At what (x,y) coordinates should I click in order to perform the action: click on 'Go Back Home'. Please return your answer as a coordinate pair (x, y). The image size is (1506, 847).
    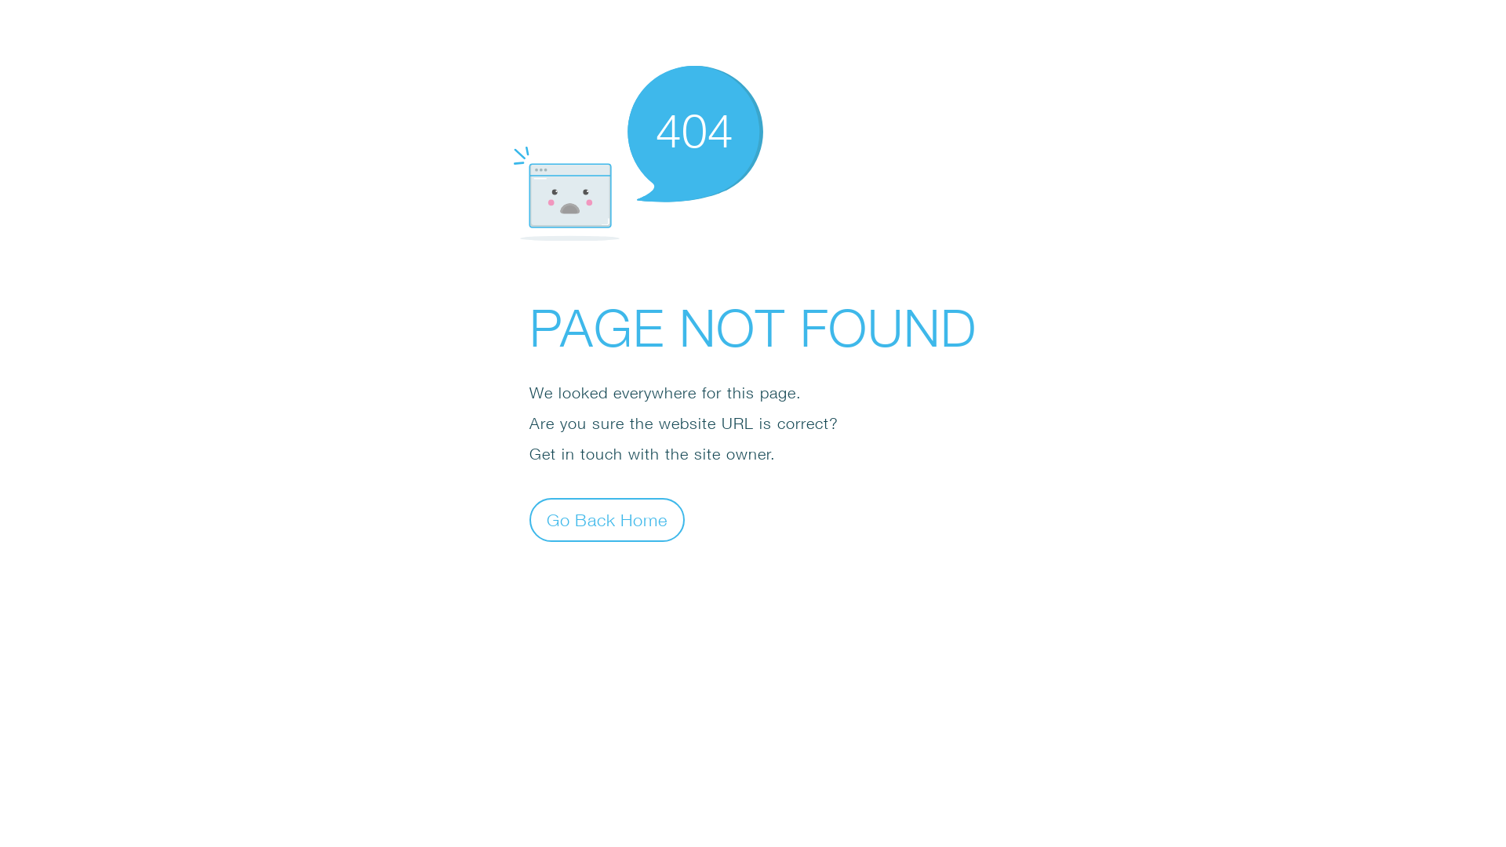
    Looking at the image, I should click on (606, 520).